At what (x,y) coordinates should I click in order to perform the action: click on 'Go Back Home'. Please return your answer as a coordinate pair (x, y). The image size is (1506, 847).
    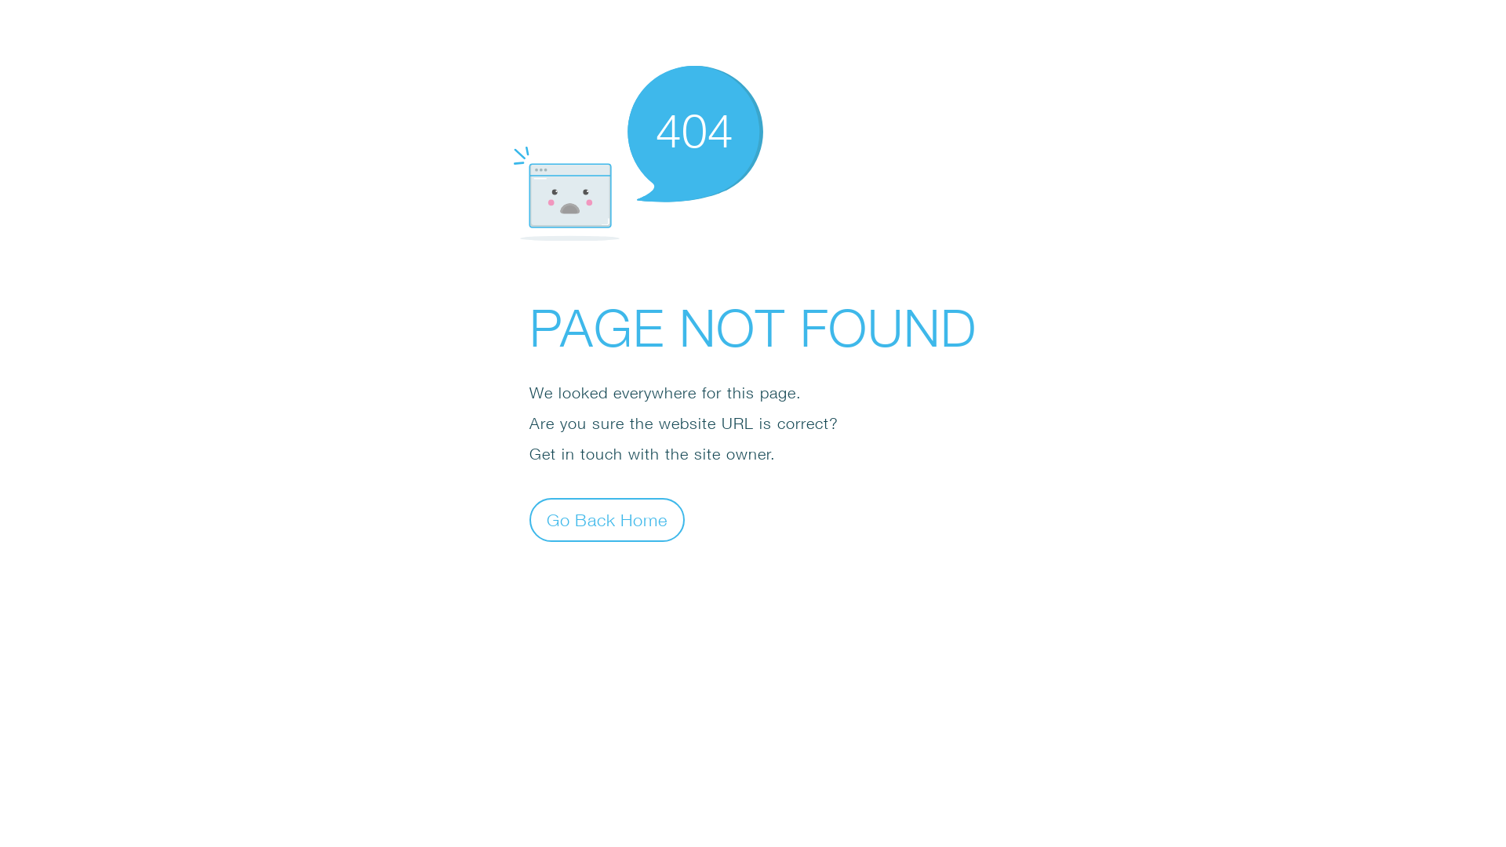
    Looking at the image, I should click on (606, 520).